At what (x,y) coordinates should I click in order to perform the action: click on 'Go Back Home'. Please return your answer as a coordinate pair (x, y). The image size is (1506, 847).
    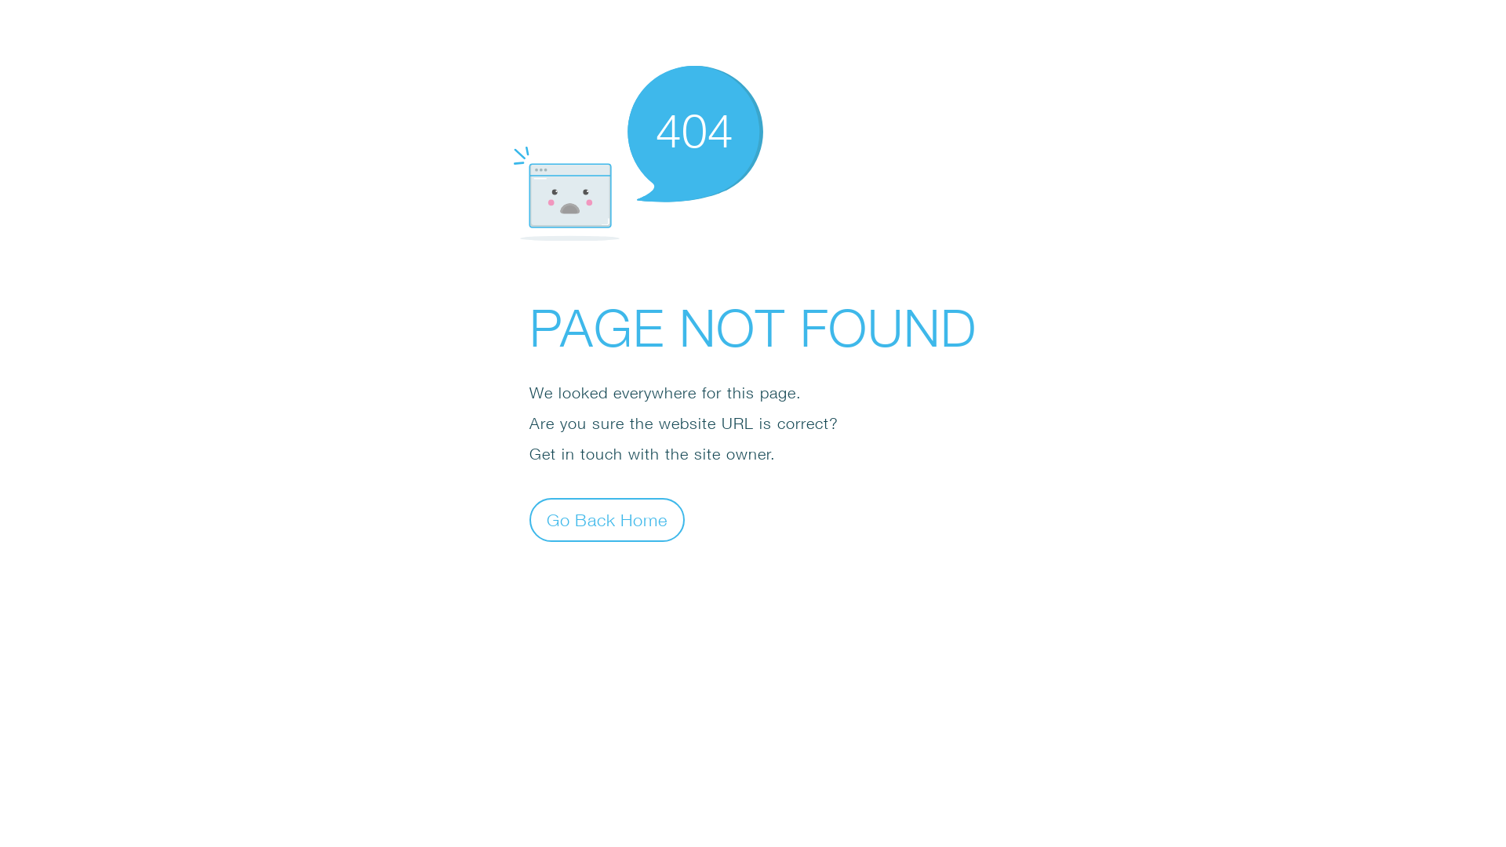
    Looking at the image, I should click on (606, 520).